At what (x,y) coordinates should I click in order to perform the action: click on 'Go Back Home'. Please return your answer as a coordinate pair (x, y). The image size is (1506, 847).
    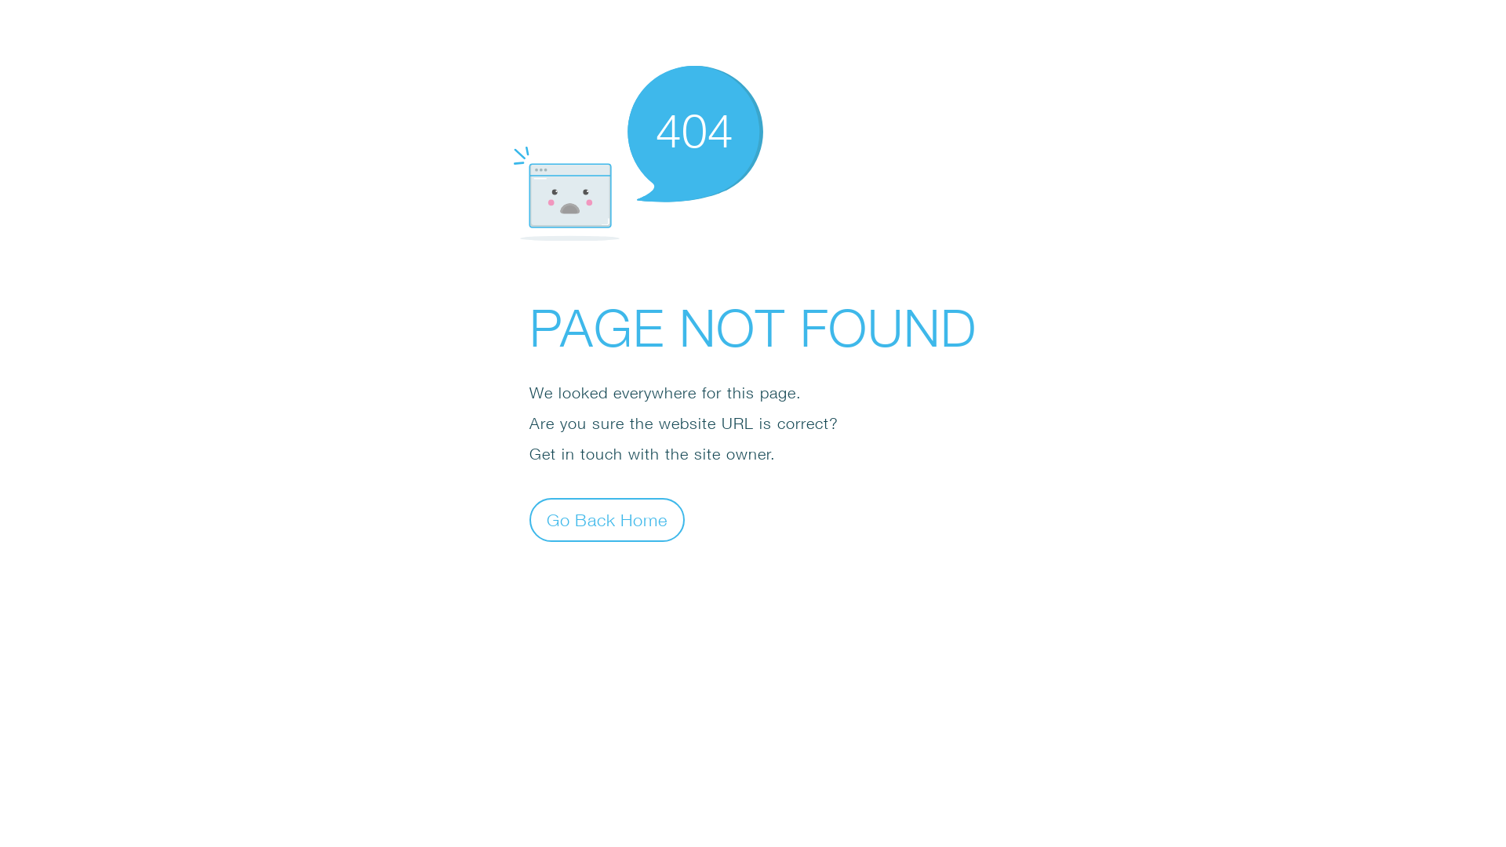
    Looking at the image, I should click on (606, 520).